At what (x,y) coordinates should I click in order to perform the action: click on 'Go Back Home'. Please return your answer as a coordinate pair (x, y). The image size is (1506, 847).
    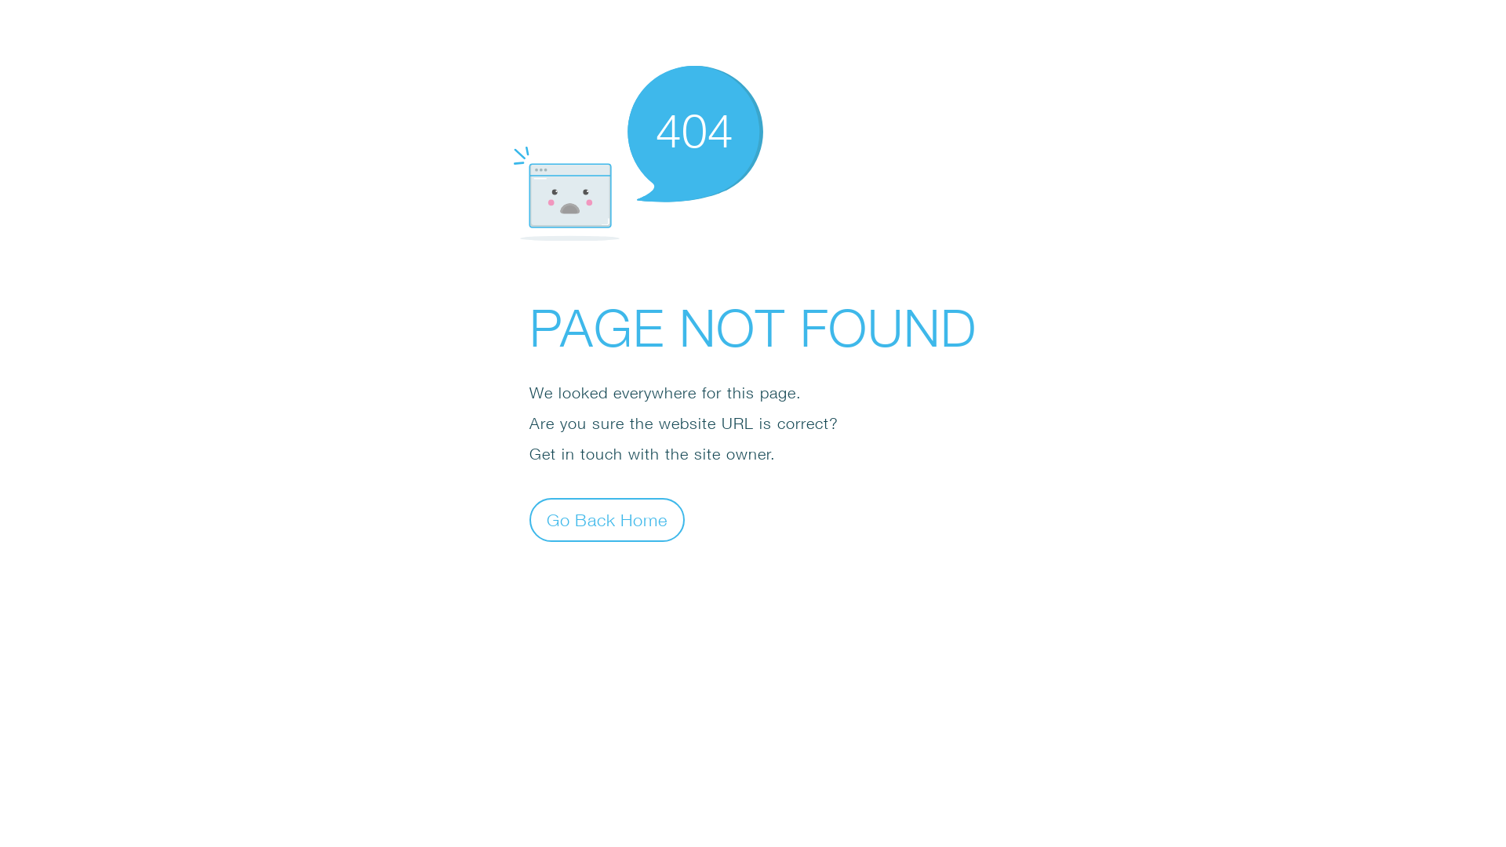
    Looking at the image, I should click on (606, 520).